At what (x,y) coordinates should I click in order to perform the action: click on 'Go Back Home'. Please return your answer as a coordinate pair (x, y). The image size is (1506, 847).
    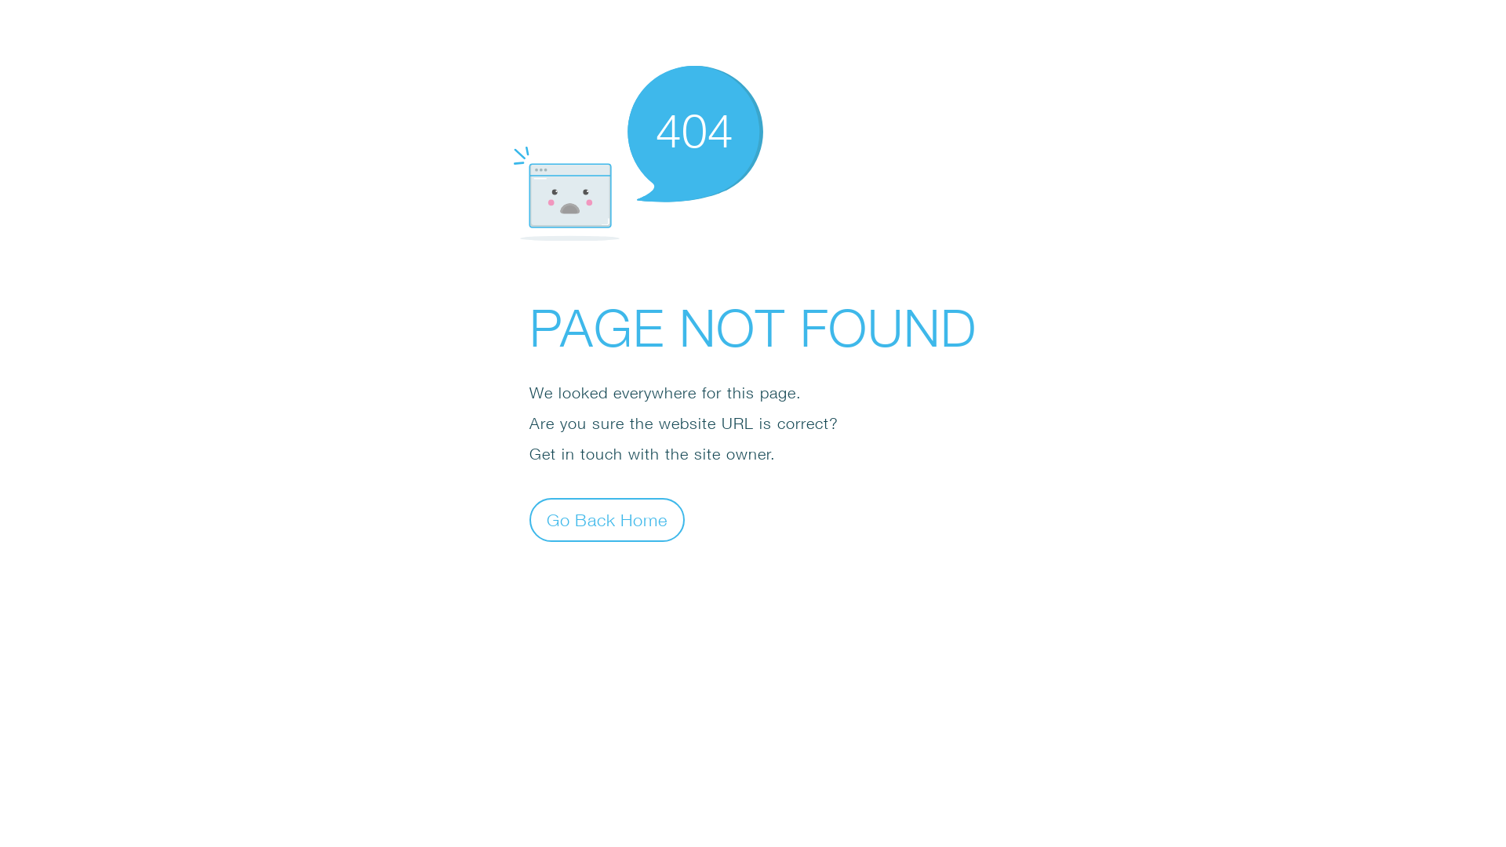
    Looking at the image, I should click on (606, 520).